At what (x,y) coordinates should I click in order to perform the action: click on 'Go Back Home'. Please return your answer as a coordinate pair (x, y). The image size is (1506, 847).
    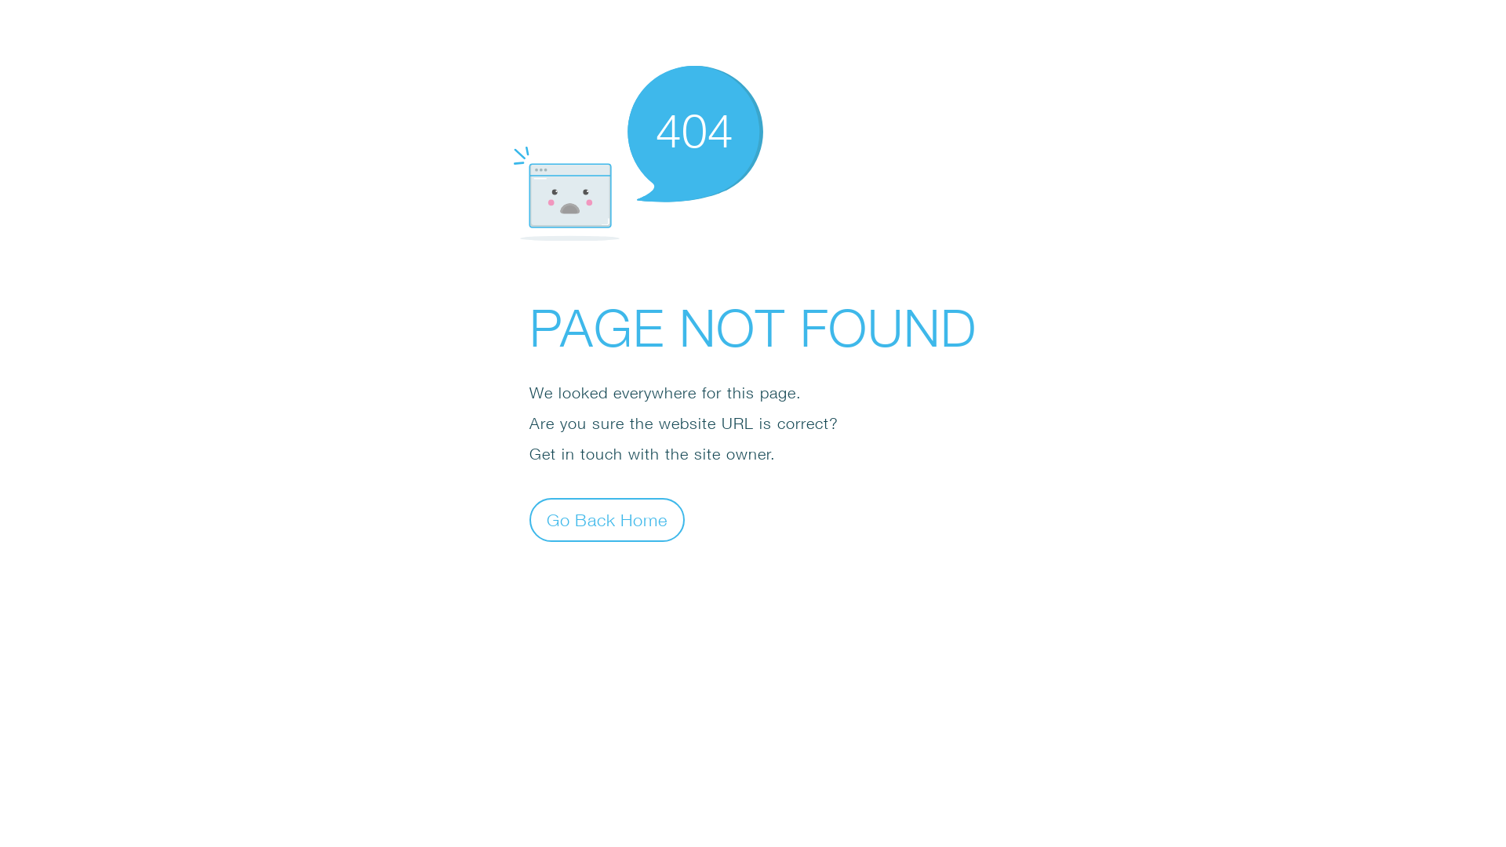
    Looking at the image, I should click on (606, 520).